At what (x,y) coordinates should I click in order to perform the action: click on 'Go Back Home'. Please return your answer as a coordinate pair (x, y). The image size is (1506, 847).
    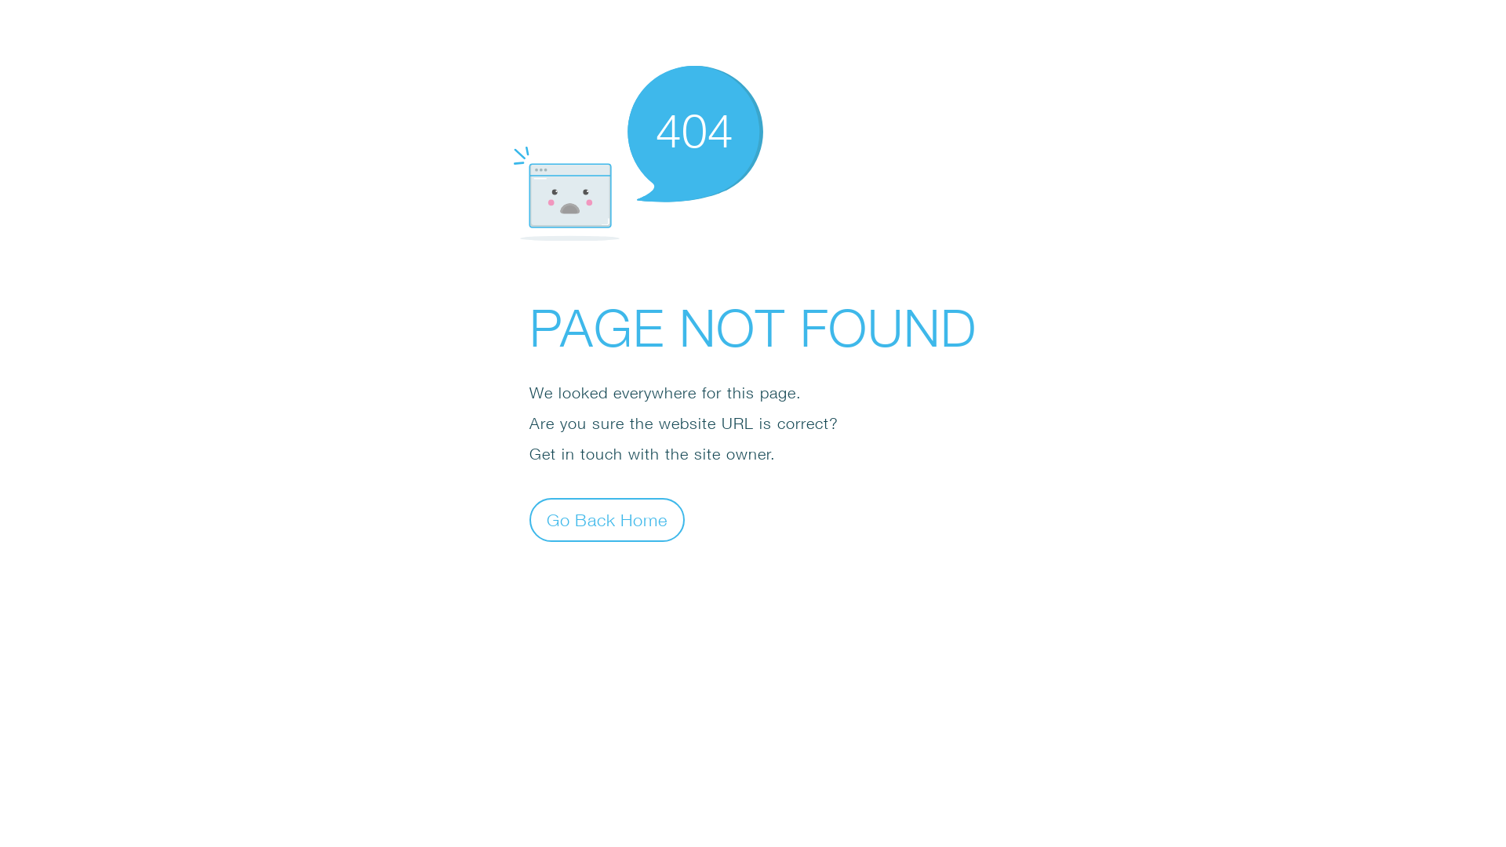
    Looking at the image, I should click on (606, 520).